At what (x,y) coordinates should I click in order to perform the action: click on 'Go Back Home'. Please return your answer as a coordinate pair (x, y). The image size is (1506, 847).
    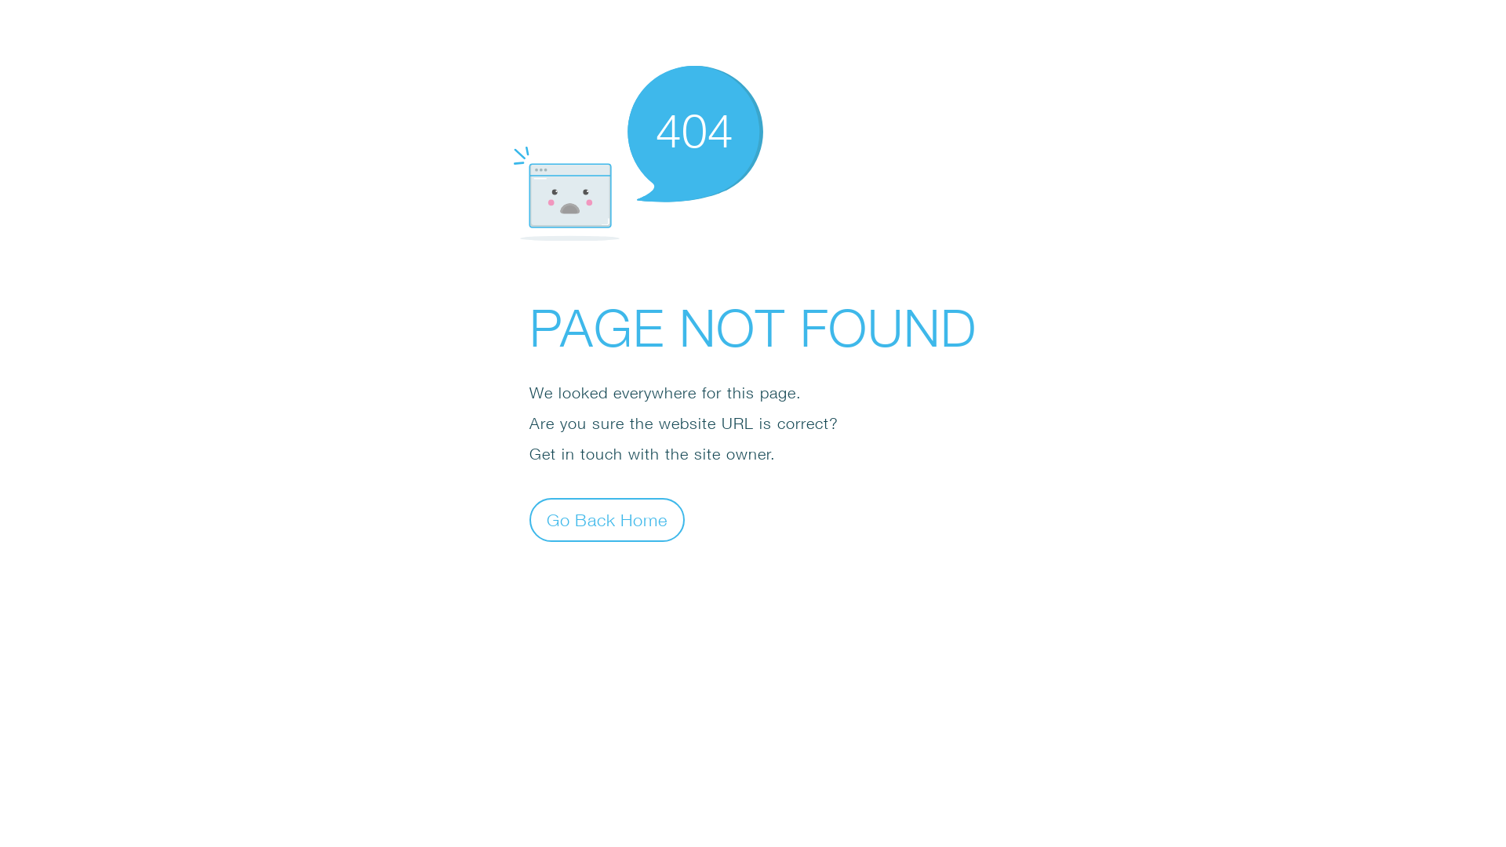
    Looking at the image, I should click on (606, 520).